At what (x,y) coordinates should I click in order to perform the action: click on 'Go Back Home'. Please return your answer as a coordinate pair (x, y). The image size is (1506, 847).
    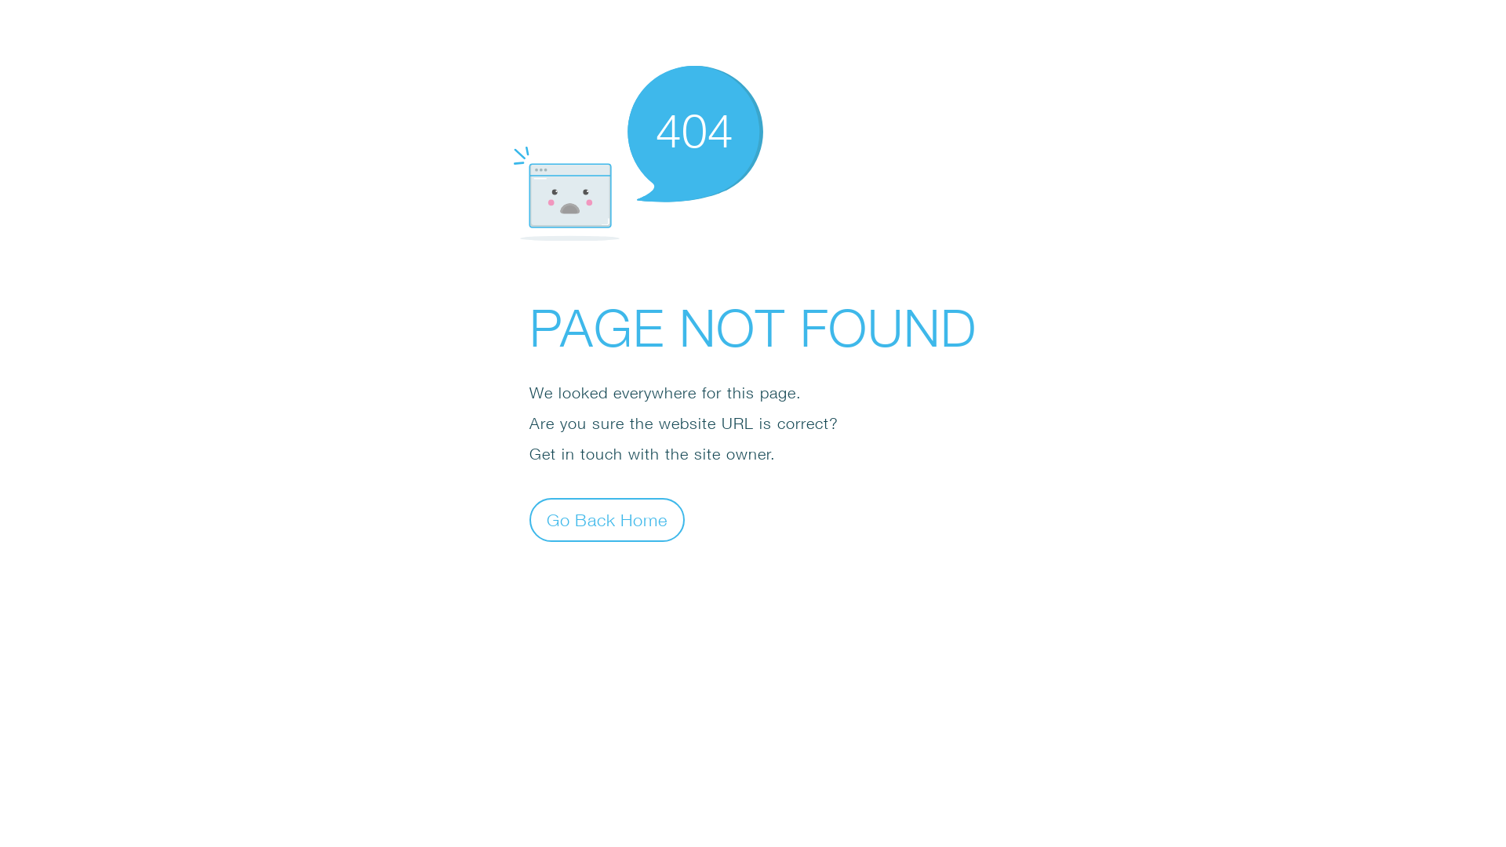
    Looking at the image, I should click on (606, 520).